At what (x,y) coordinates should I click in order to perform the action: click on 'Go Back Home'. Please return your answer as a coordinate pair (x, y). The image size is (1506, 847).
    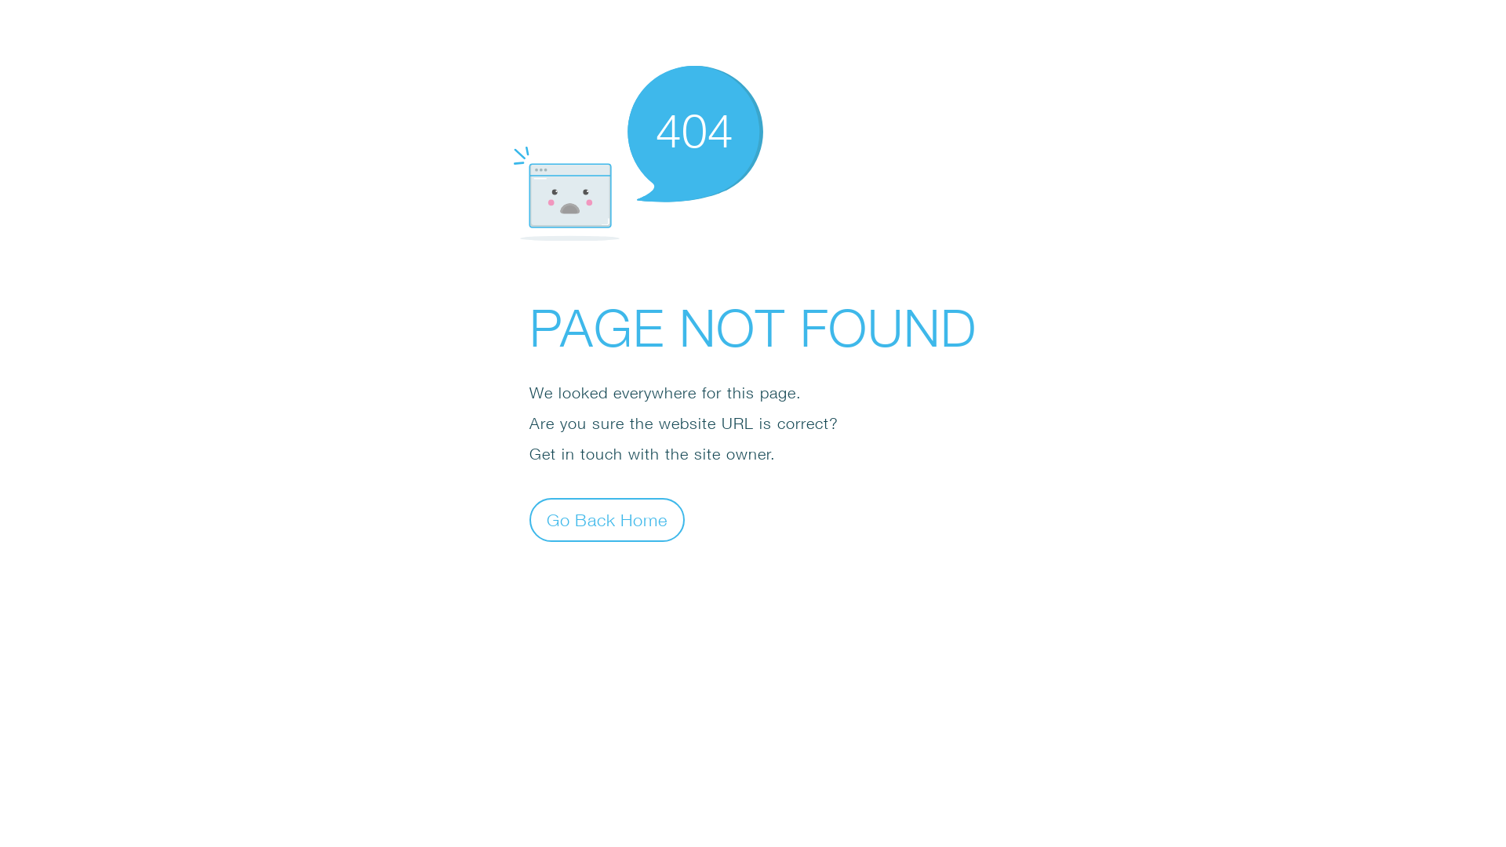
    Looking at the image, I should click on (606, 520).